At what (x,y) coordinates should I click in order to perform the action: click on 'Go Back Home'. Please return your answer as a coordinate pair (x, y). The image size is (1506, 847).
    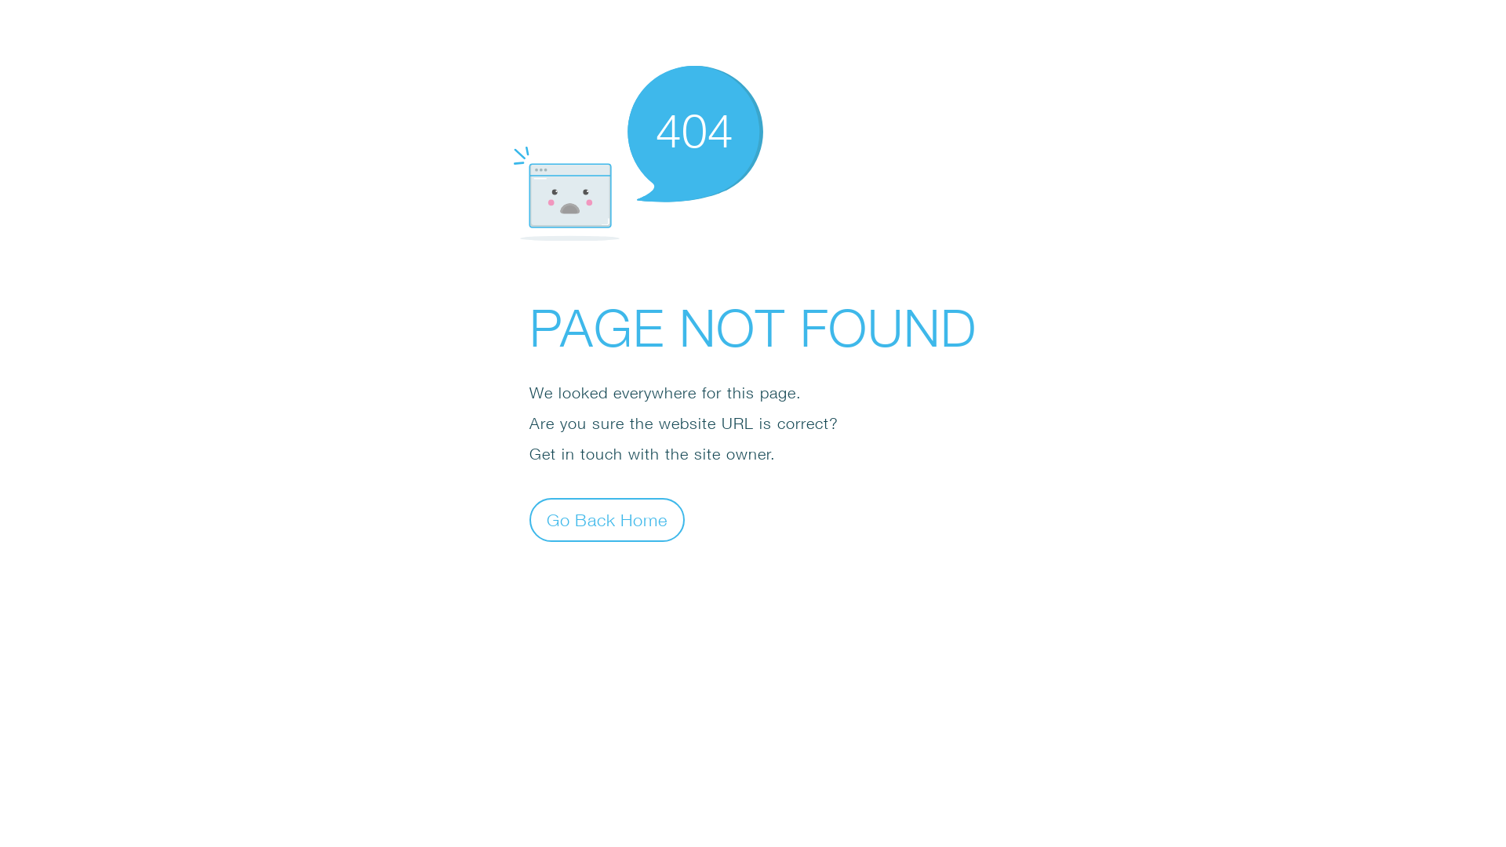
    Looking at the image, I should click on (606, 520).